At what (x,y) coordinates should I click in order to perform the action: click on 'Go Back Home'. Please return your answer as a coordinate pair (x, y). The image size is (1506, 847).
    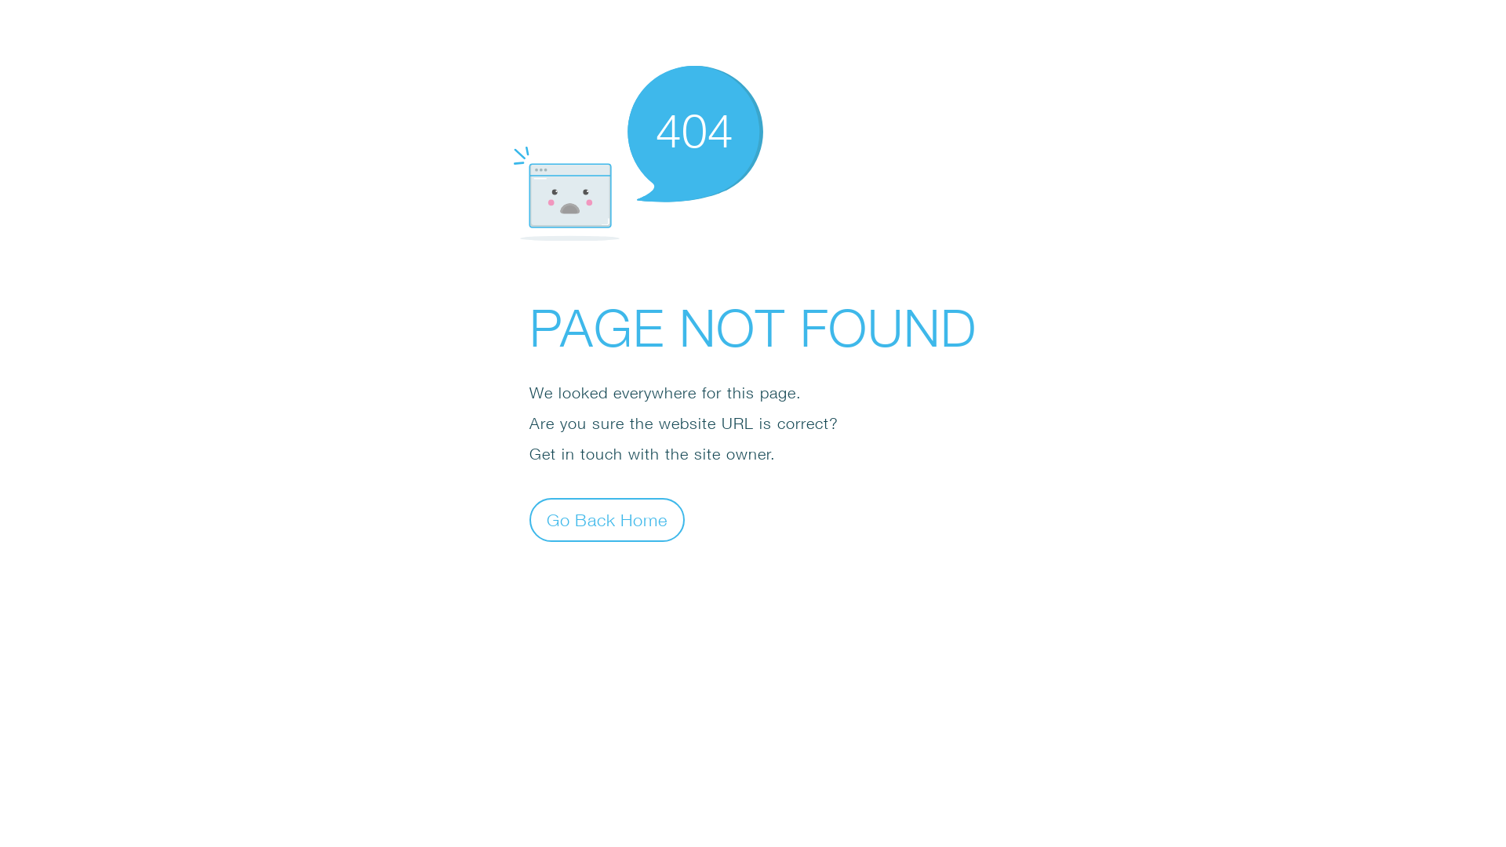
    Looking at the image, I should click on (606, 520).